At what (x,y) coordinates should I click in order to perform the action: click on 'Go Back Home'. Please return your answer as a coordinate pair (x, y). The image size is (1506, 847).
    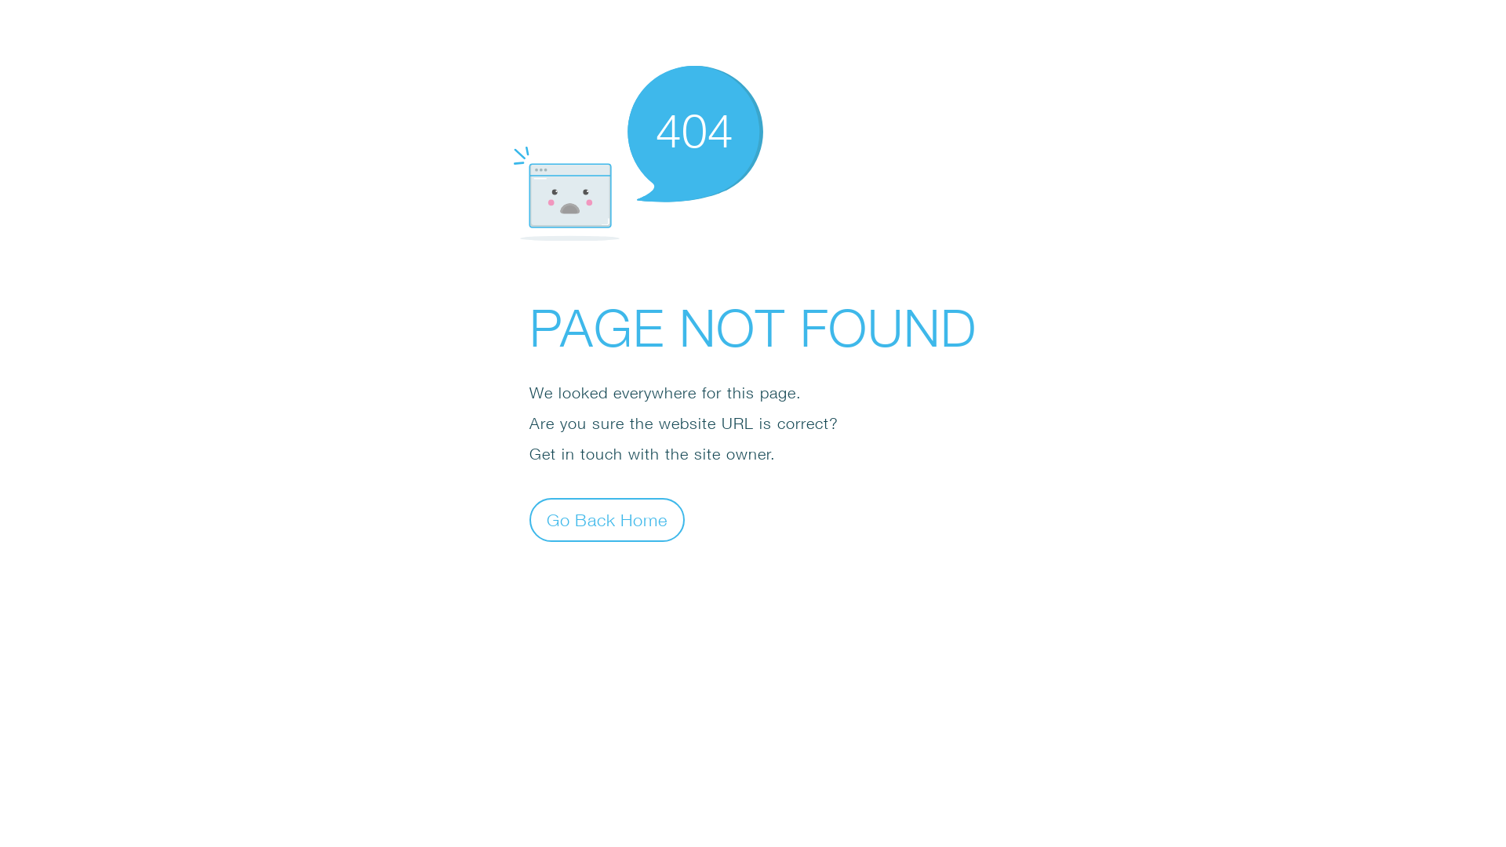
    Looking at the image, I should click on (606, 520).